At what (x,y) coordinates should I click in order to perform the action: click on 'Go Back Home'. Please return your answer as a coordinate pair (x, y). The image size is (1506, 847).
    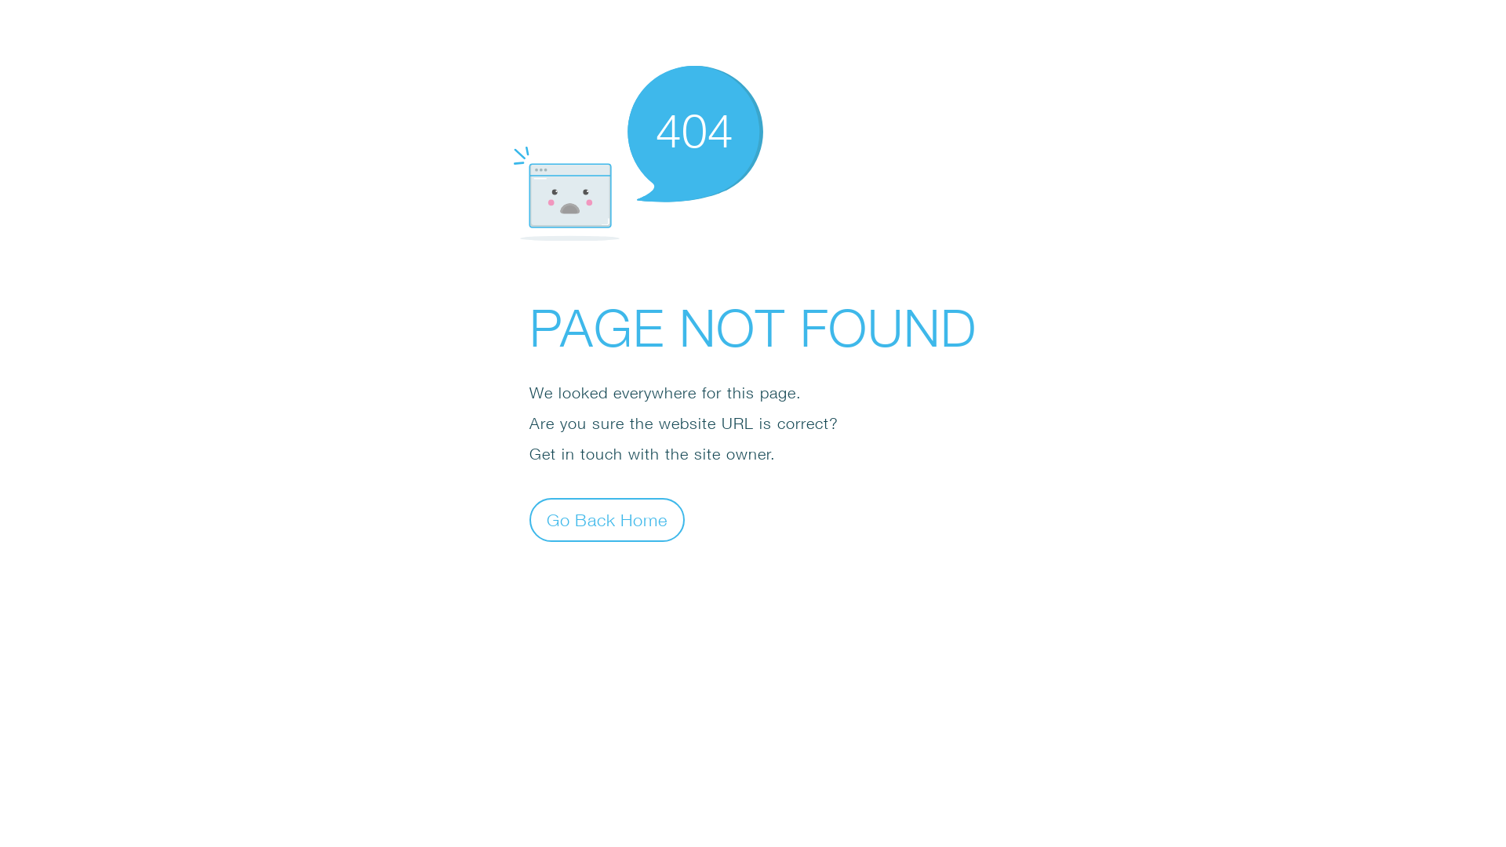
    Looking at the image, I should click on (606, 520).